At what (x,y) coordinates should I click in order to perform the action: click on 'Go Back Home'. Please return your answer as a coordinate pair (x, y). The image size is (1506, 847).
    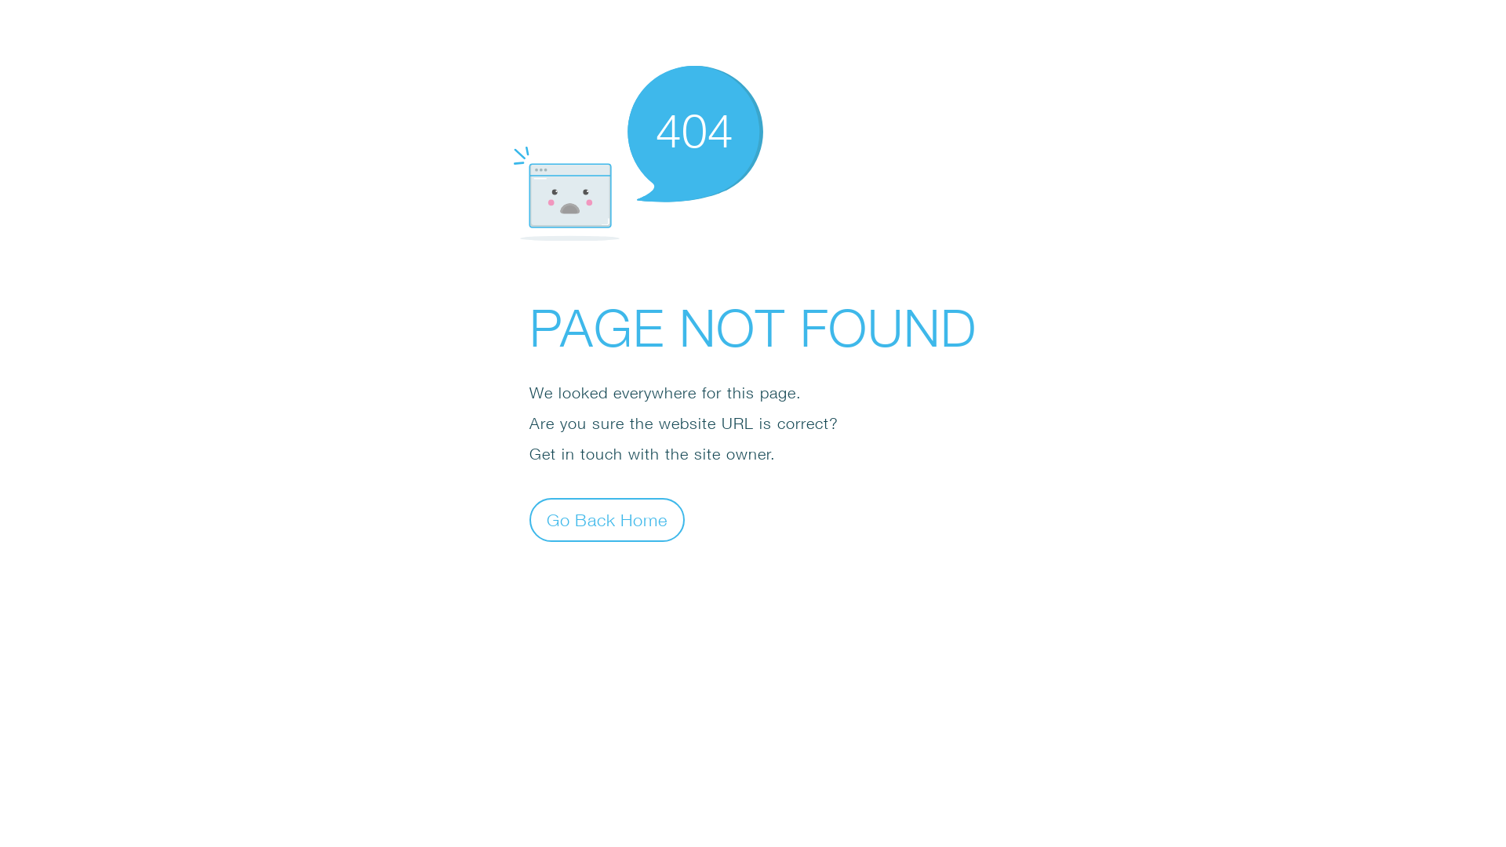
    Looking at the image, I should click on (606, 520).